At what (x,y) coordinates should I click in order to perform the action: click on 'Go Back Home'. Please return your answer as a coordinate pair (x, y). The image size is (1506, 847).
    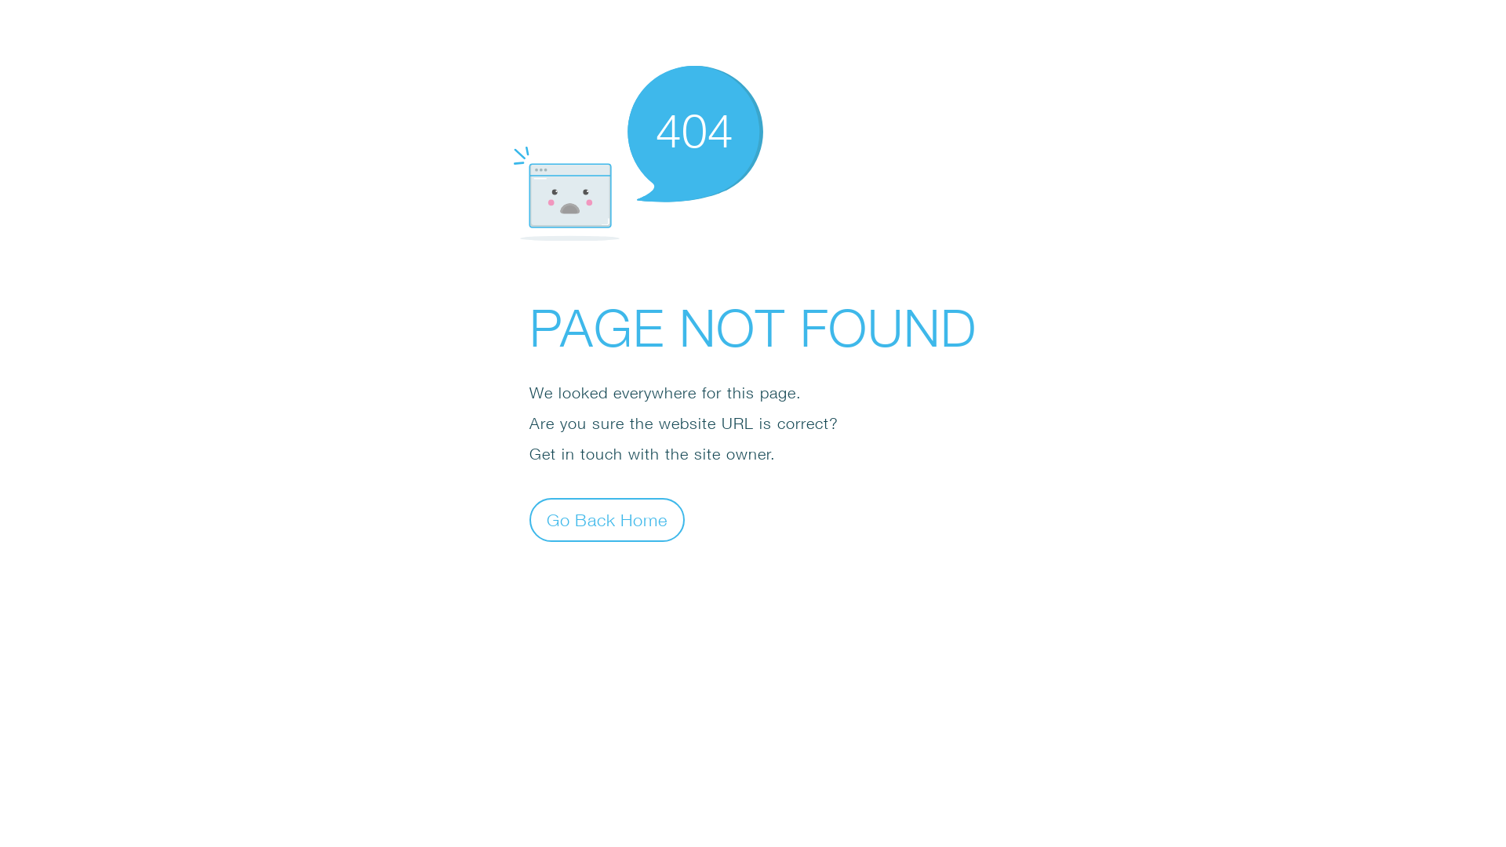
    Looking at the image, I should click on (606, 520).